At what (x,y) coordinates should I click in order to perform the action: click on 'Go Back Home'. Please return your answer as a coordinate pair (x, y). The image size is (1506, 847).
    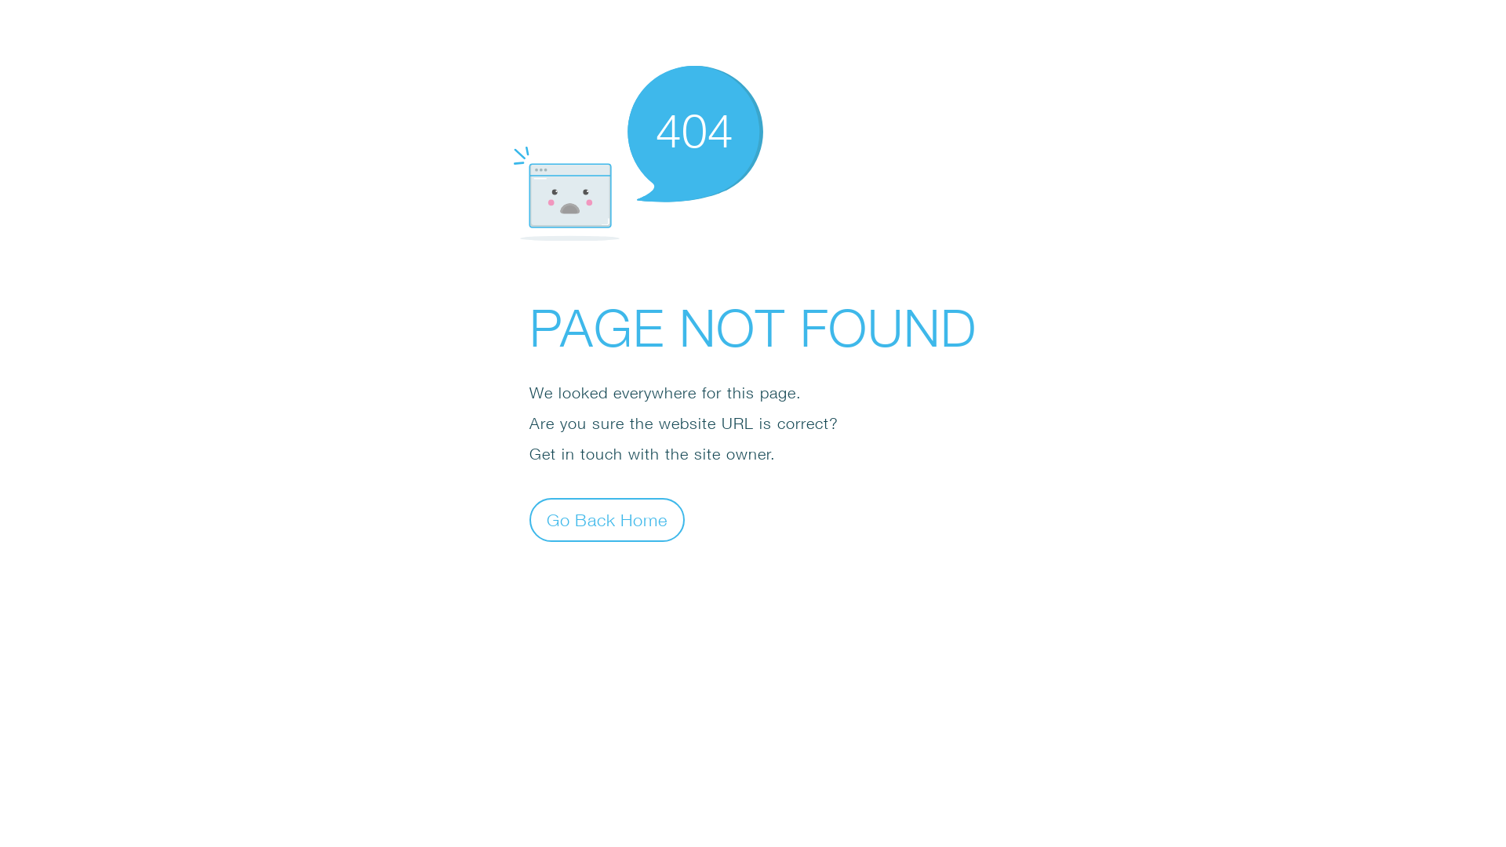
    Looking at the image, I should click on (606, 520).